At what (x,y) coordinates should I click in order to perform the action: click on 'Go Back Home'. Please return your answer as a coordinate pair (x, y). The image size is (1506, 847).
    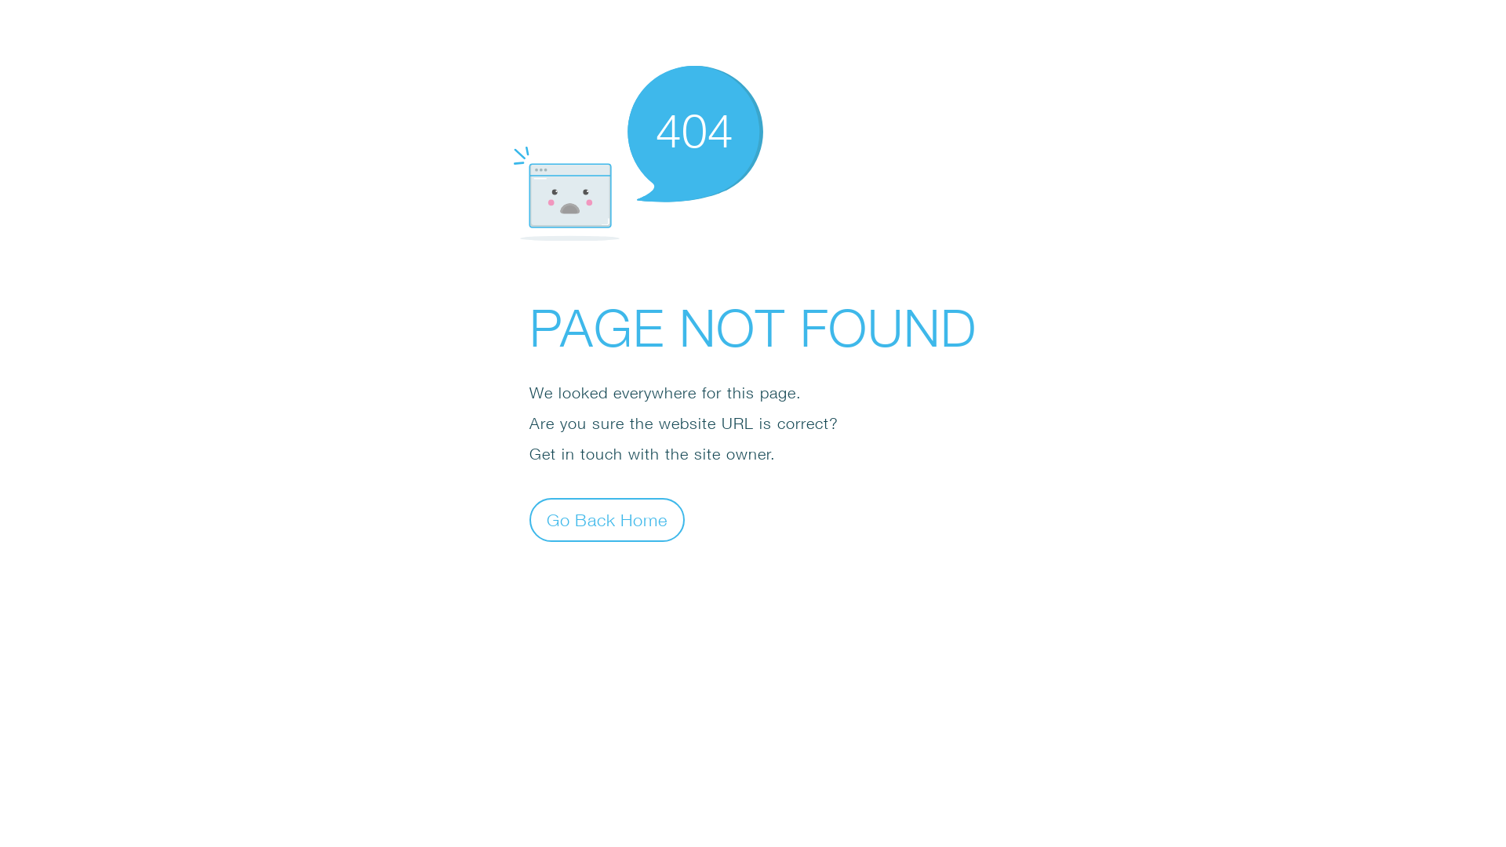
    Looking at the image, I should click on (606, 520).